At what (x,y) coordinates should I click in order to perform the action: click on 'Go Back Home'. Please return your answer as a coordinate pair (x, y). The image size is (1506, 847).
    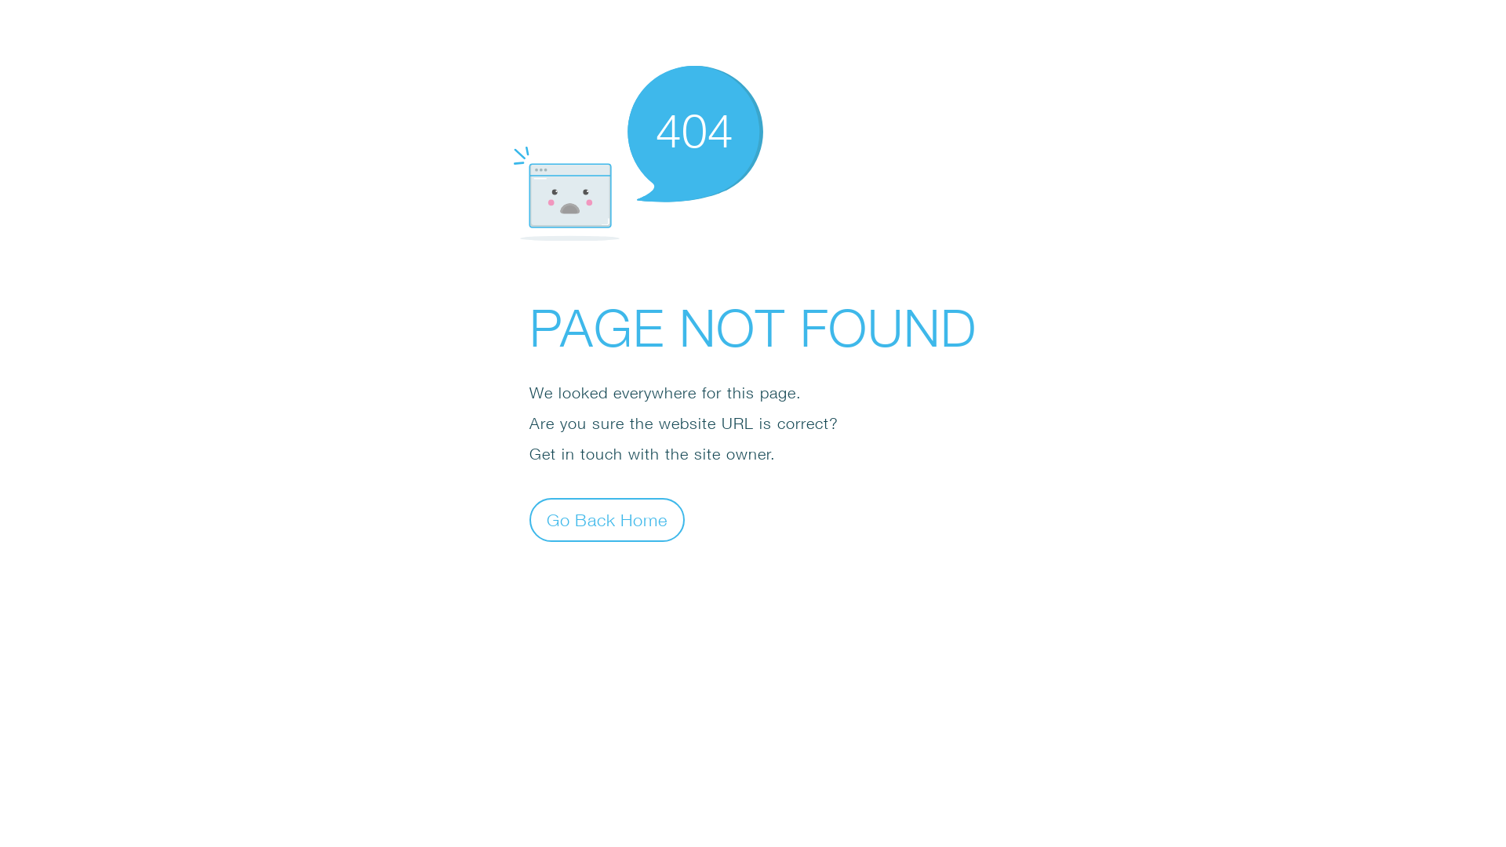
    Looking at the image, I should click on (606, 520).